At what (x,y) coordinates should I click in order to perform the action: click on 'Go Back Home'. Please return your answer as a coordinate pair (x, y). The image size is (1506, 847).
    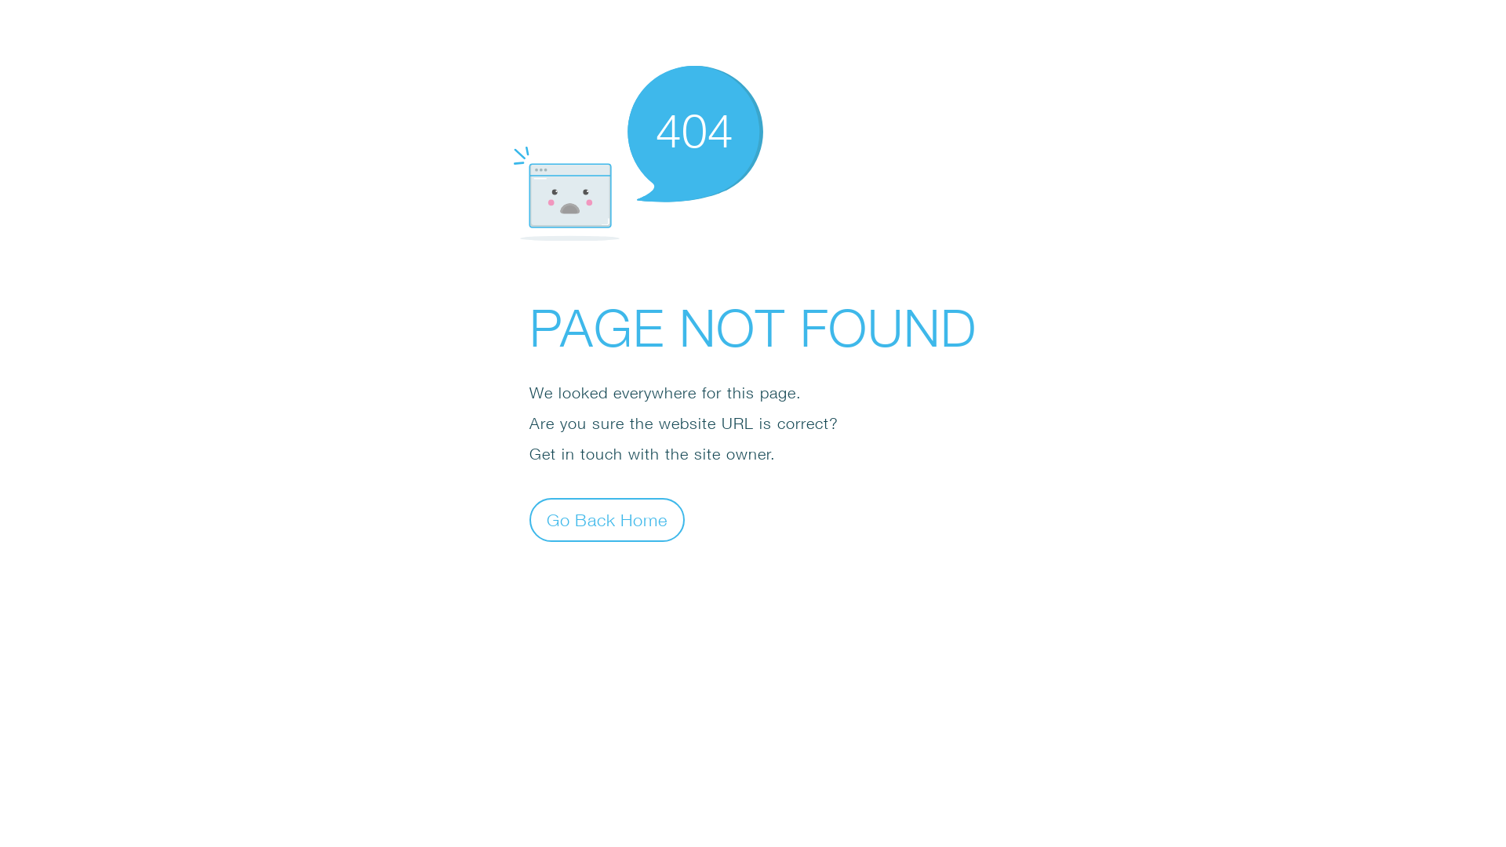
    Looking at the image, I should click on (606, 520).